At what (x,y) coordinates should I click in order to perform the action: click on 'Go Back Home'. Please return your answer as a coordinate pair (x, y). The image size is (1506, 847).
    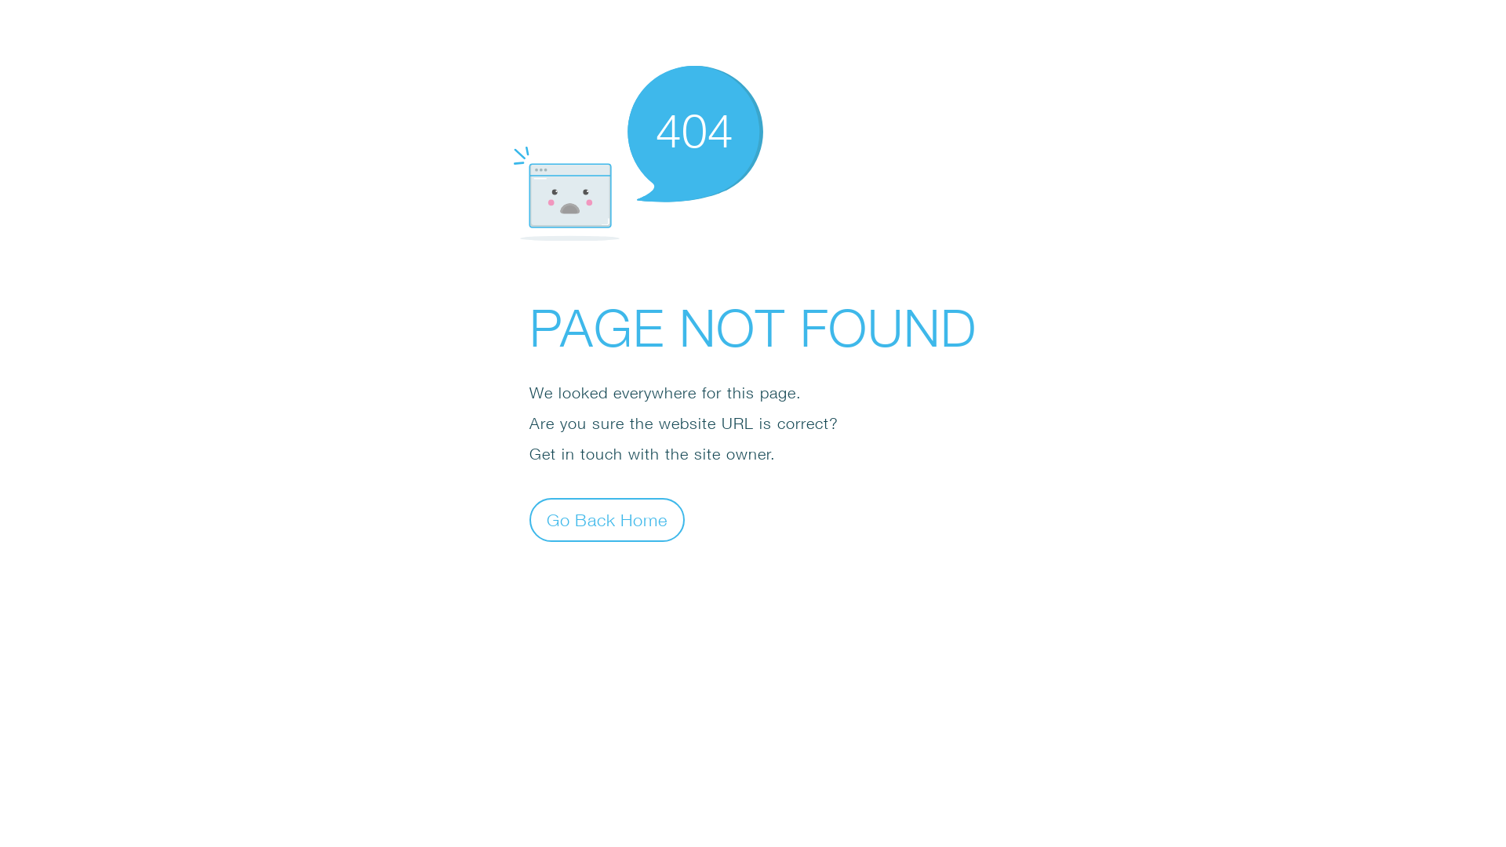
    Looking at the image, I should click on (606, 520).